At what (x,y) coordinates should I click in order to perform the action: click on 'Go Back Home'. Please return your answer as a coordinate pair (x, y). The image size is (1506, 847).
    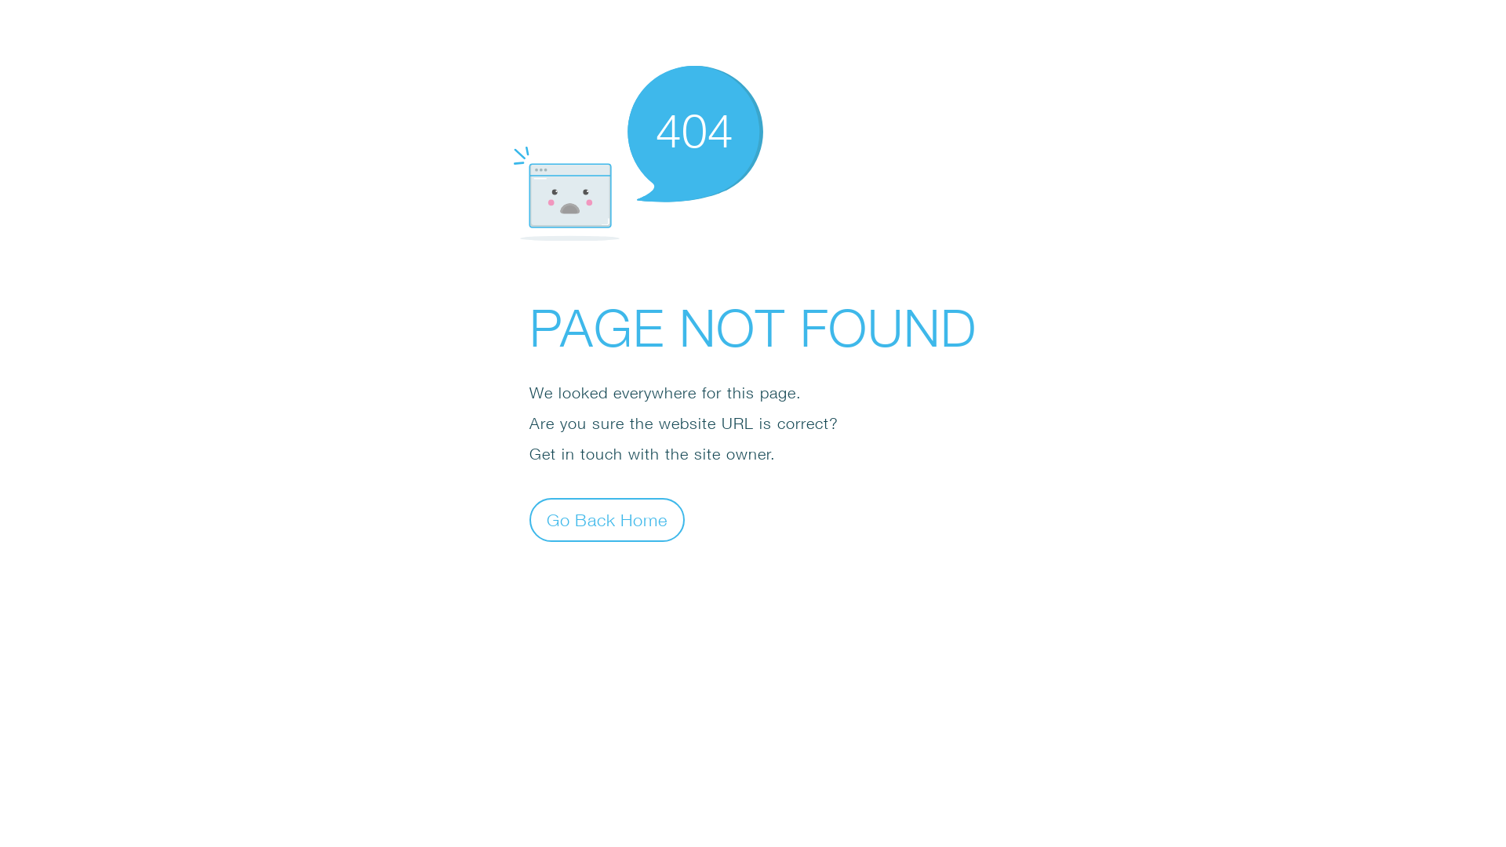
    Looking at the image, I should click on (606, 520).